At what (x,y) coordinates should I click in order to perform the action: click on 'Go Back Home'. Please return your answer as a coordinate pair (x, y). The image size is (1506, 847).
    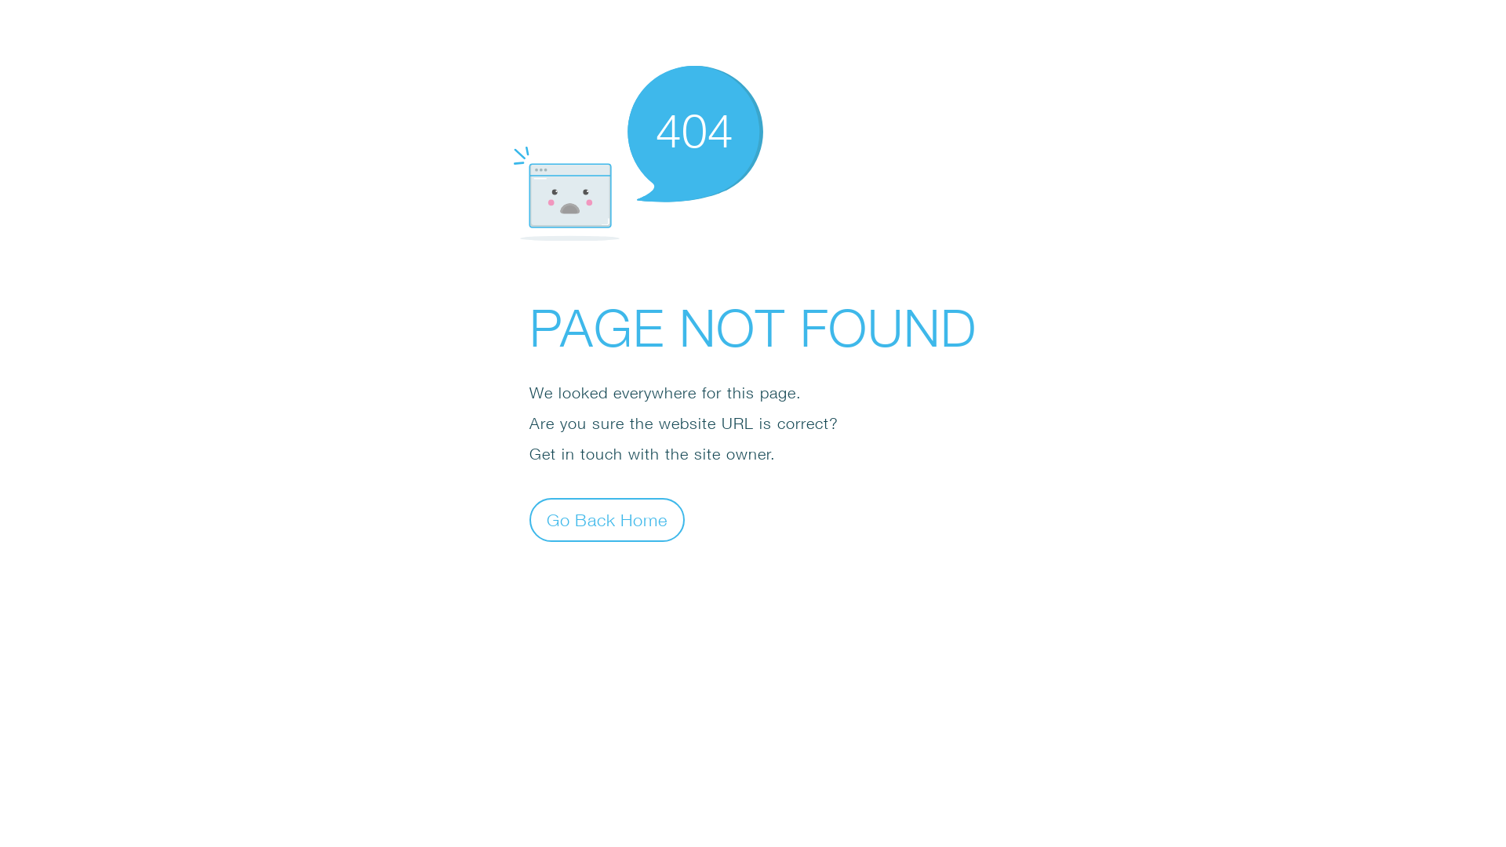
    Looking at the image, I should click on (606, 520).